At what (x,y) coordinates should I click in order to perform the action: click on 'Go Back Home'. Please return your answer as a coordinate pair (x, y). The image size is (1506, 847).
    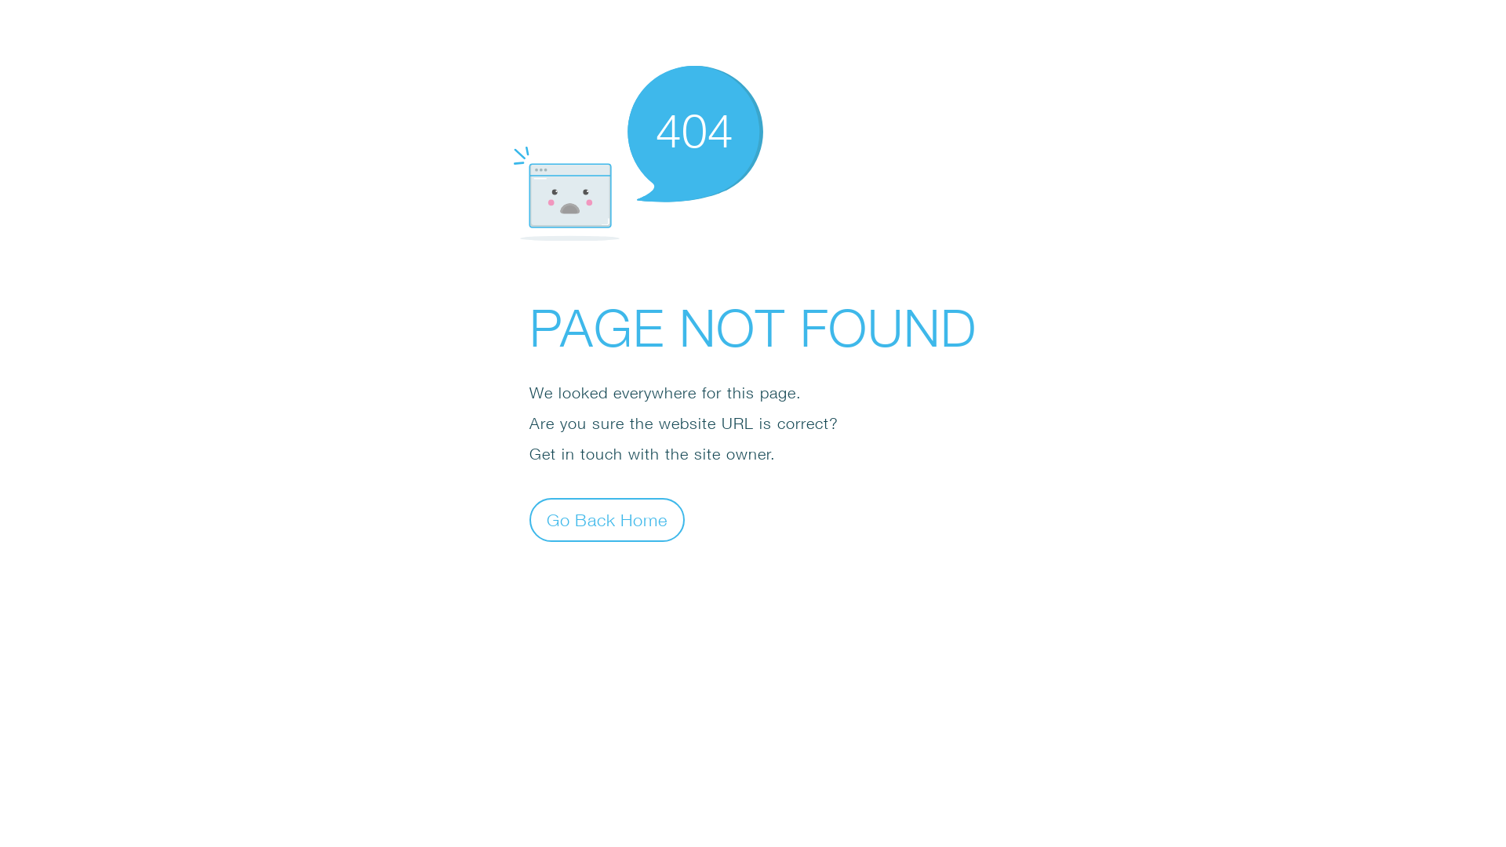
    Looking at the image, I should click on (606, 520).